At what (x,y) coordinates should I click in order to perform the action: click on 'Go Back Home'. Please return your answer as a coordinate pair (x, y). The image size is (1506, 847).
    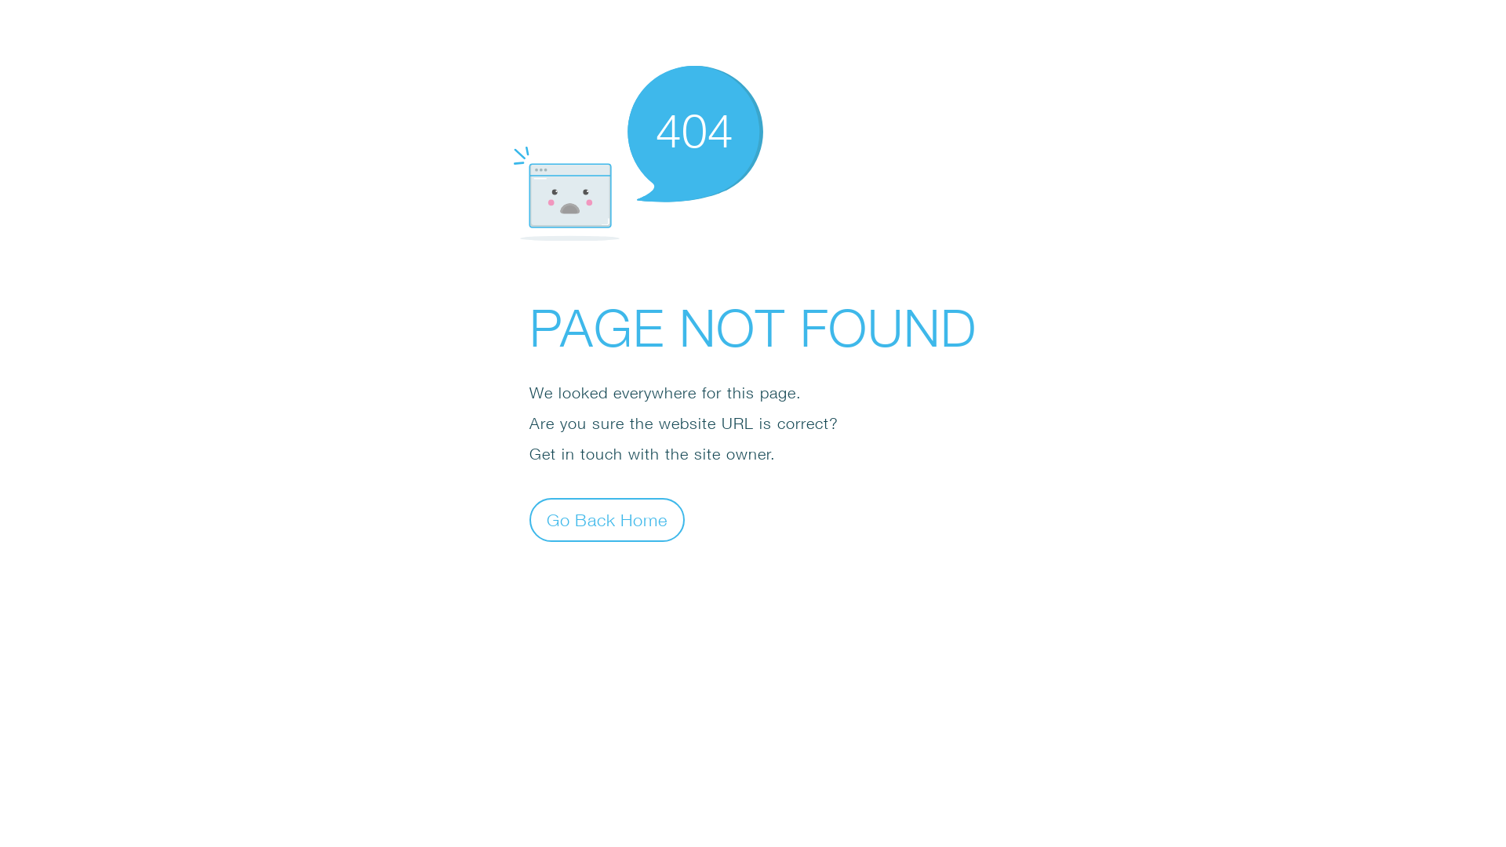
    Looking at the image, I should click on (606, 520).